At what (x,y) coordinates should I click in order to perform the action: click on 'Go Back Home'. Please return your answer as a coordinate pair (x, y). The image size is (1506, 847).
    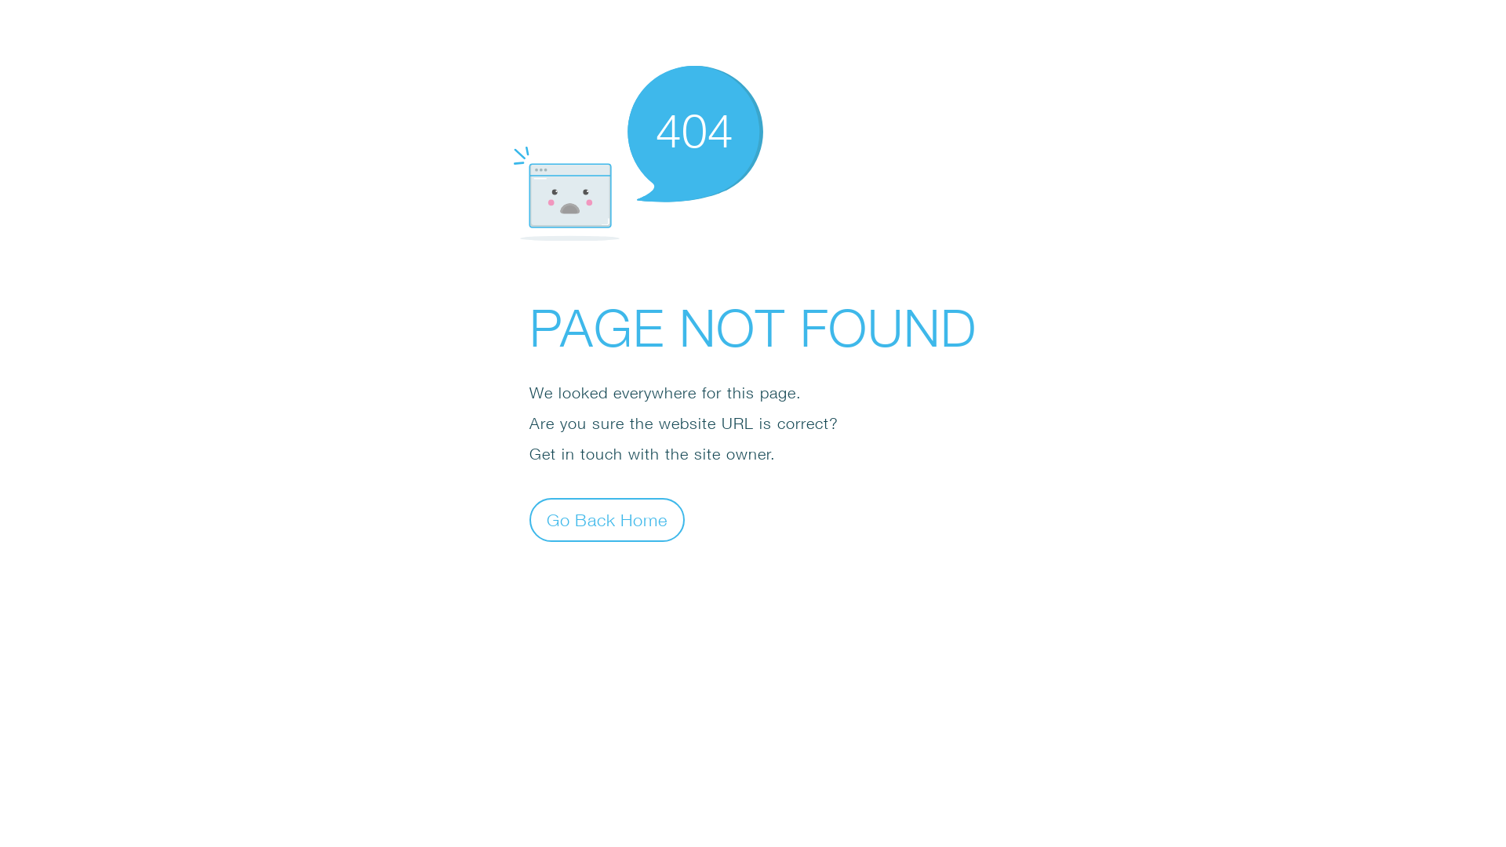
    Looking at the image, I should click on (606, 520).